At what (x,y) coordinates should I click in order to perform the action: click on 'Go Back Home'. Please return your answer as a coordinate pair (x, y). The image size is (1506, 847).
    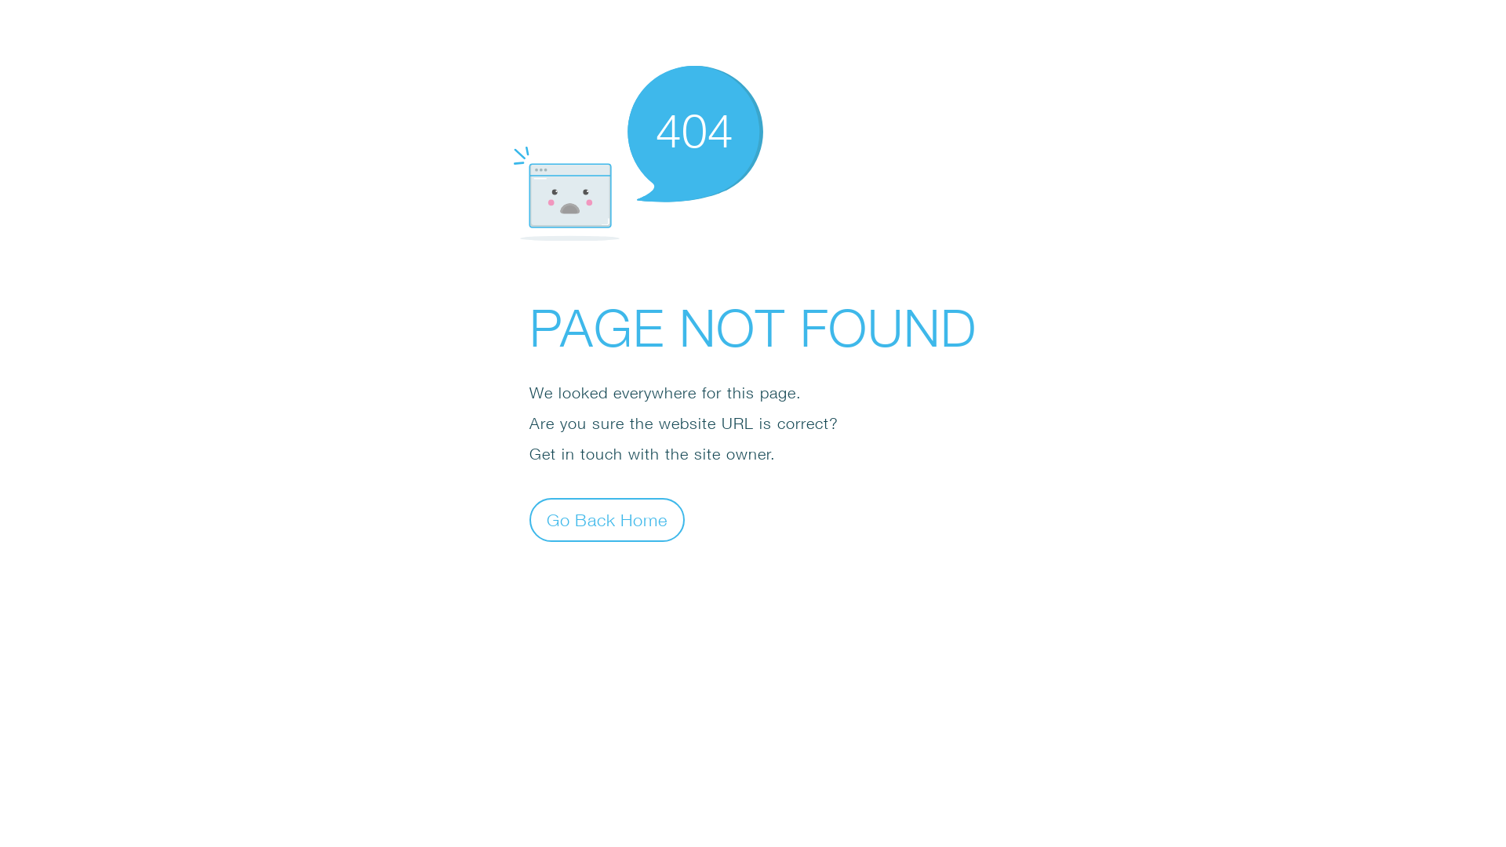
    Looking at the image, I should click on (606, 520).